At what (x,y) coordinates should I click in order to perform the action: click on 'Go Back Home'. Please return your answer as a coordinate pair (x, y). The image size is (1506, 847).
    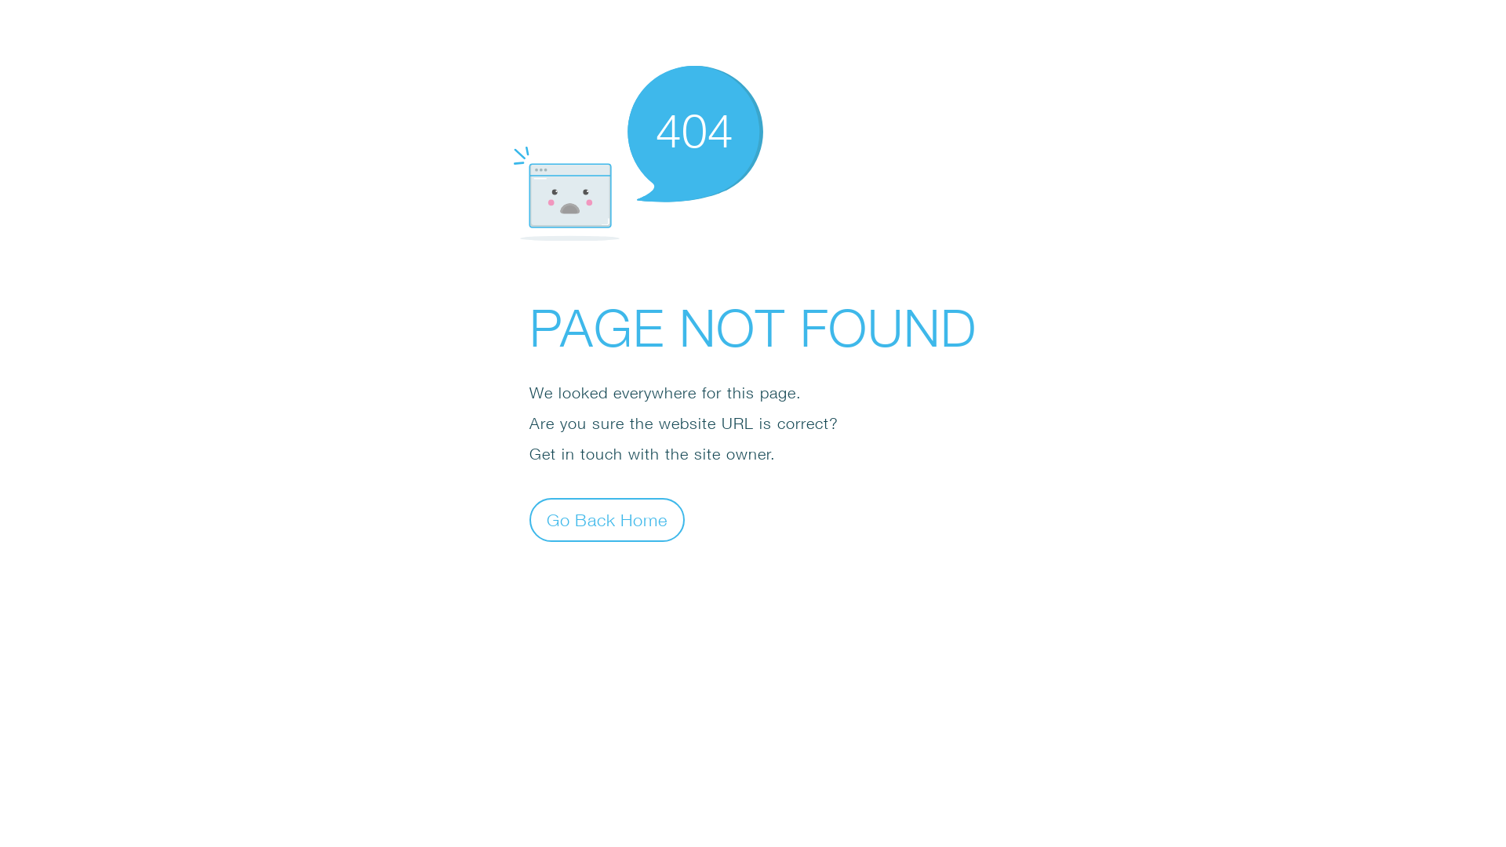
    Looking at the image, I should click on (606, 520).